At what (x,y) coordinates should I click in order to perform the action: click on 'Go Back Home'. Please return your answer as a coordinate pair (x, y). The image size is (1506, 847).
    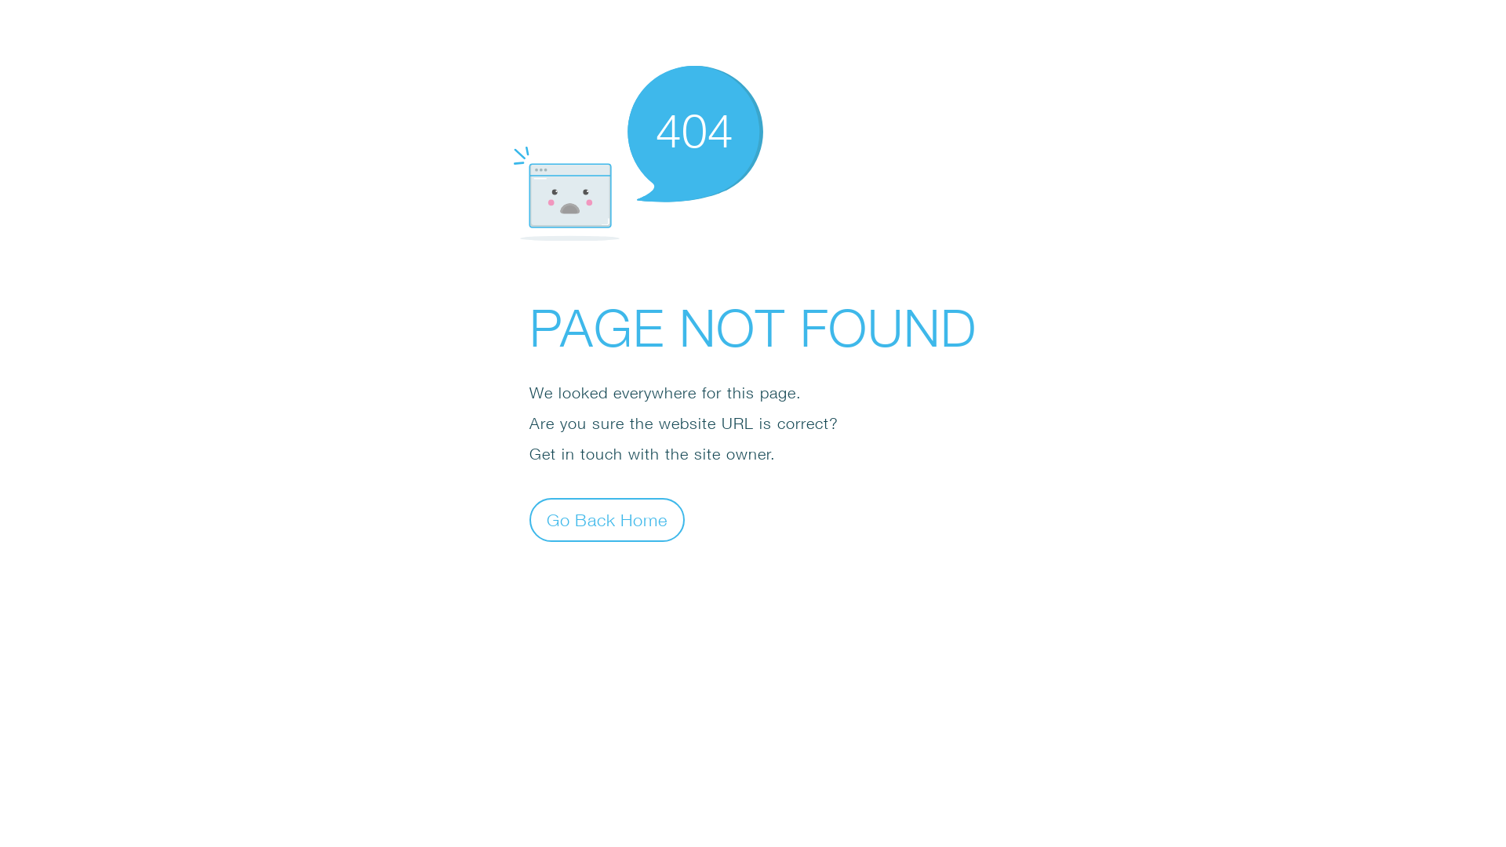
    Looking at the image, I should click on (606, 520).